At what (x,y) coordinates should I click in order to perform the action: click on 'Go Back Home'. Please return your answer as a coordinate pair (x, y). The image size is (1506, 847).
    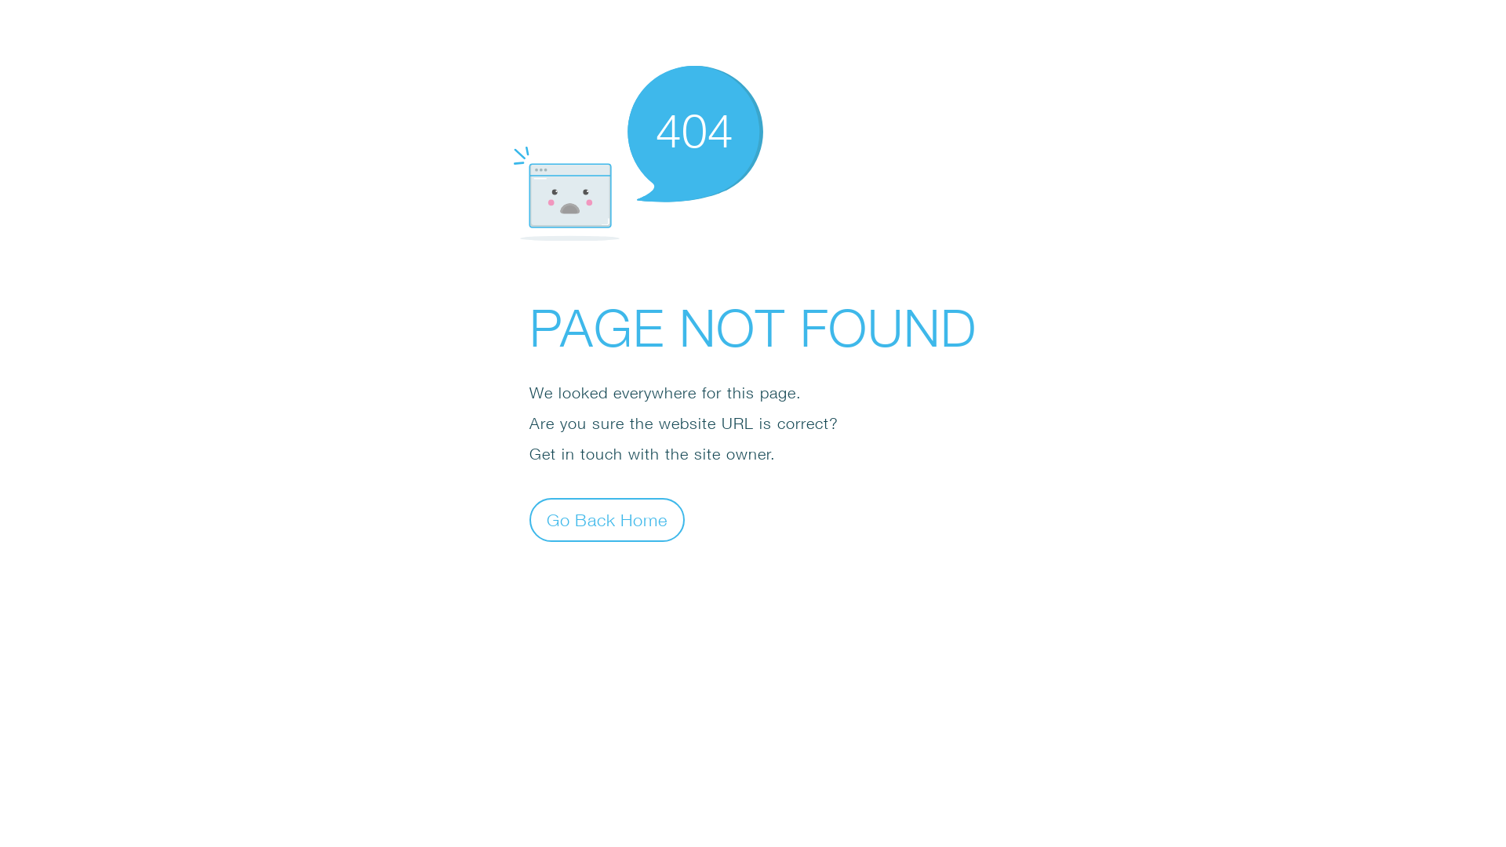
    Looking at the image, I should click on (606, 520).